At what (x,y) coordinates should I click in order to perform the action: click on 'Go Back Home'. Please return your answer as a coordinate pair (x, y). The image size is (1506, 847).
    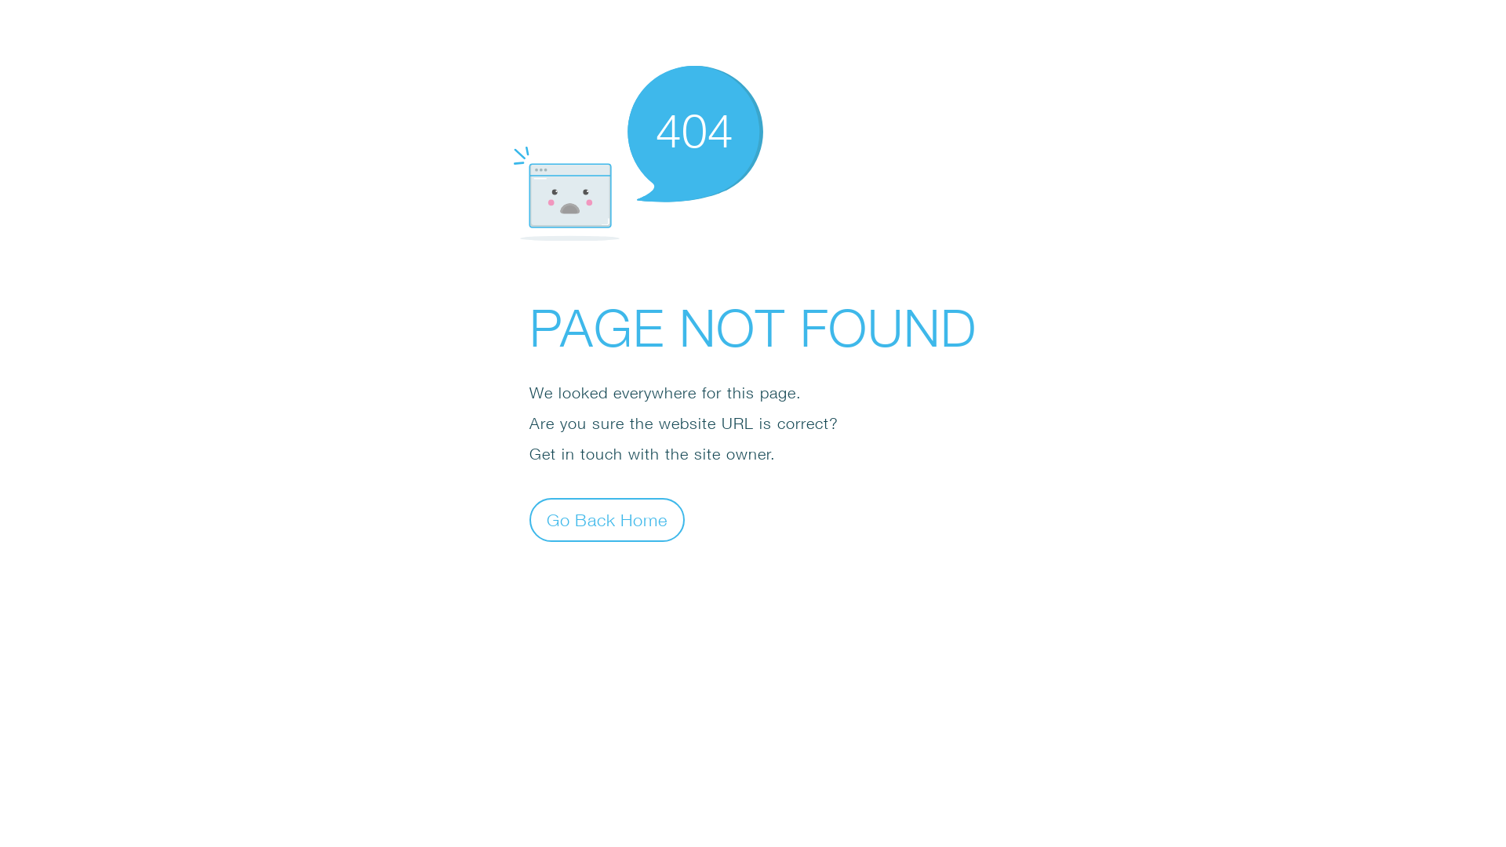
    Looking at the image, I should click on (606, 520).